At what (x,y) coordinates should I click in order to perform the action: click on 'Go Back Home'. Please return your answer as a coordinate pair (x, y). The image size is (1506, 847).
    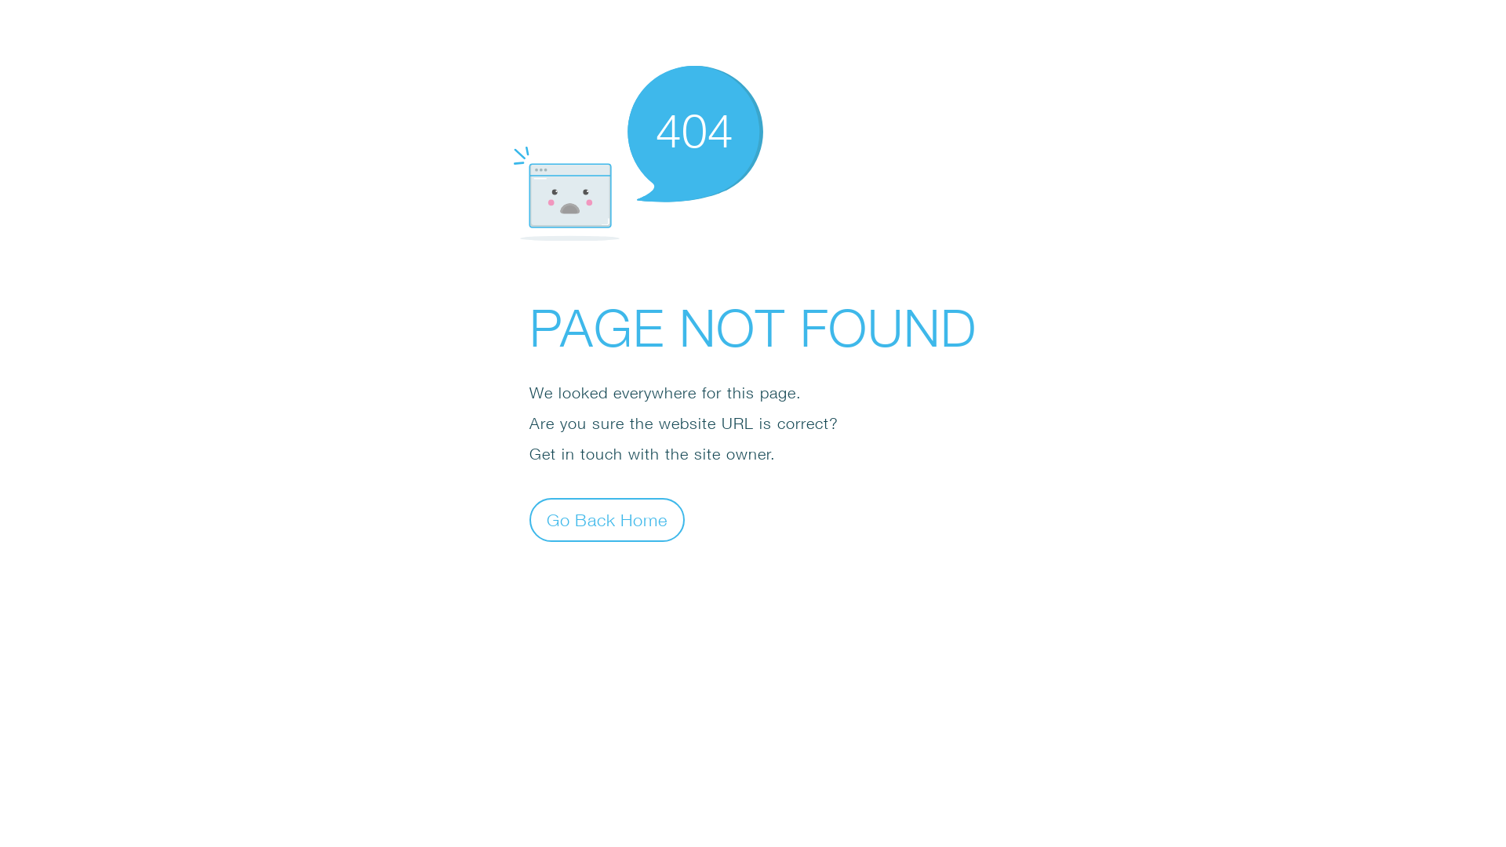
    Looking at the image, I should click on (606, 520).